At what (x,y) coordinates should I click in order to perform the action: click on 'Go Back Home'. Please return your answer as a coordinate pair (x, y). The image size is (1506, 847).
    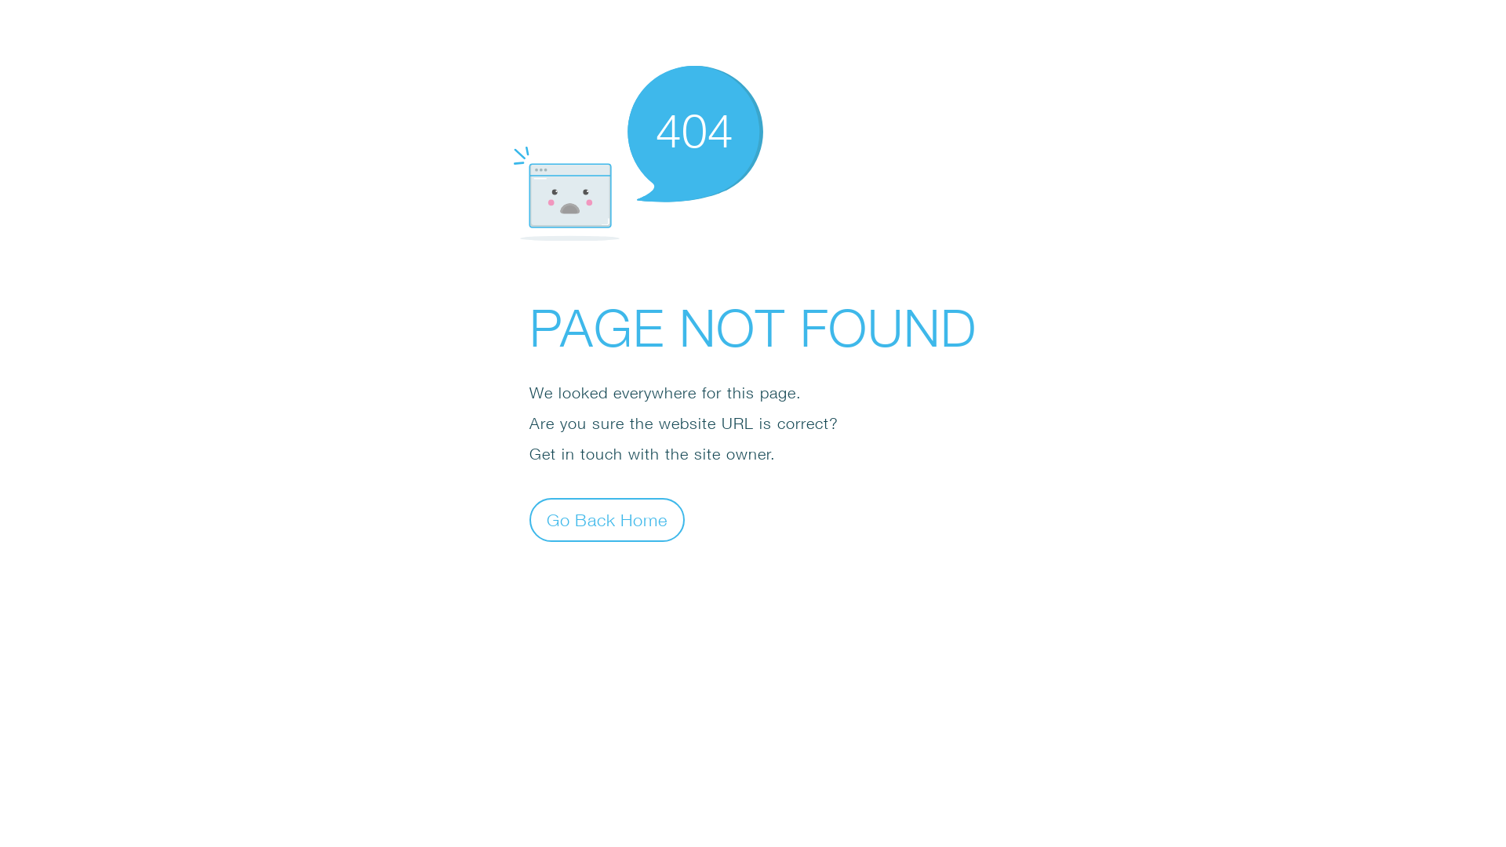
    Looking at the image, I should click on (606, 520).